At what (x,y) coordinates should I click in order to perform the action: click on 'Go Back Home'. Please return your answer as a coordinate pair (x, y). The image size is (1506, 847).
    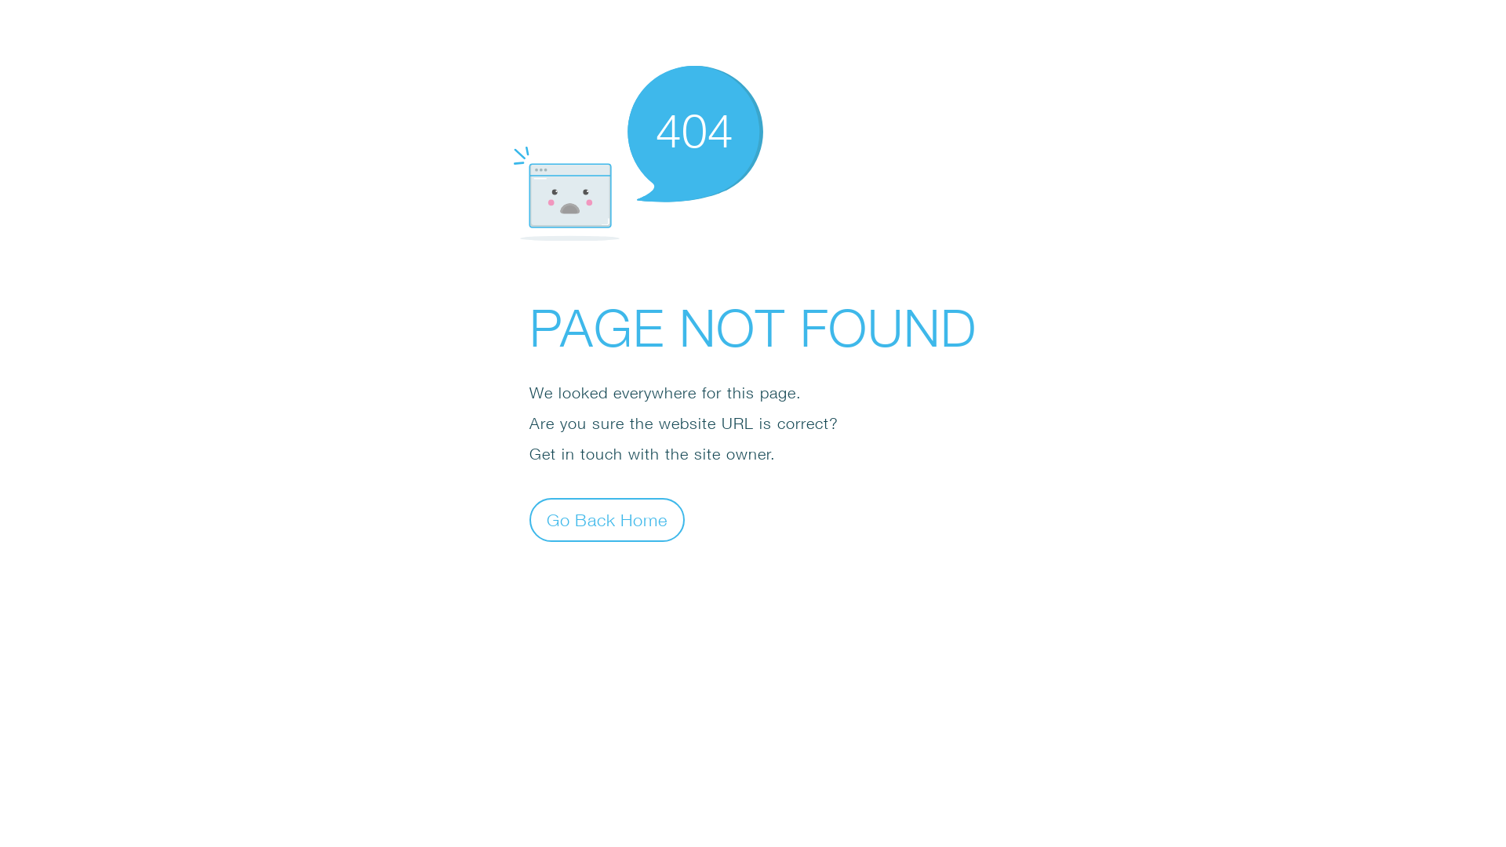
    Looking at the image, I should click on (606, 520).